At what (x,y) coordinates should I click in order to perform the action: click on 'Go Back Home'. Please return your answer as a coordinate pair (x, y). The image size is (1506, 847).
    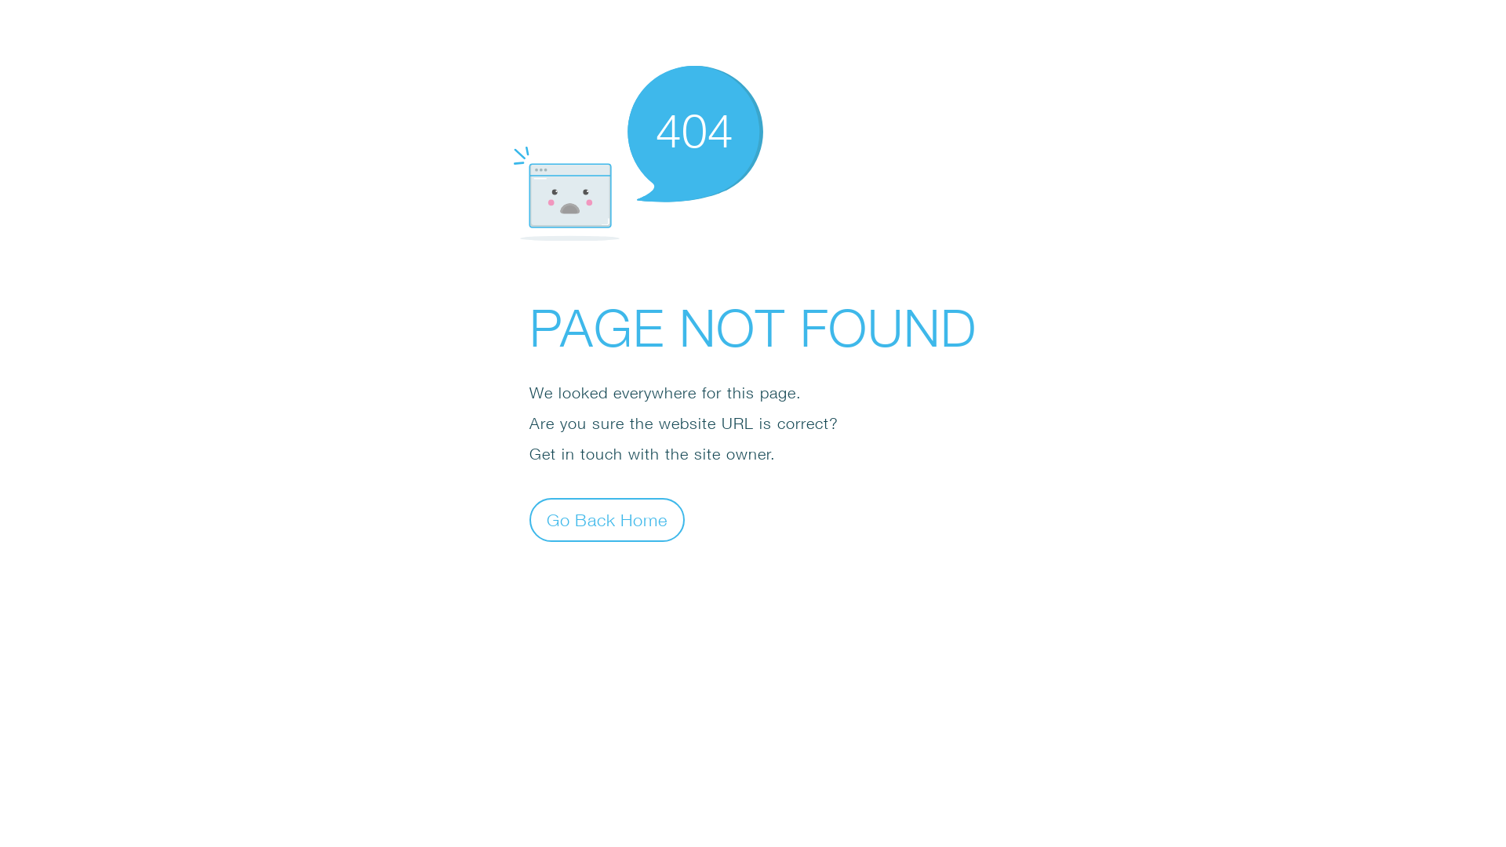
    Looking at the image, I should click on (606, 520).